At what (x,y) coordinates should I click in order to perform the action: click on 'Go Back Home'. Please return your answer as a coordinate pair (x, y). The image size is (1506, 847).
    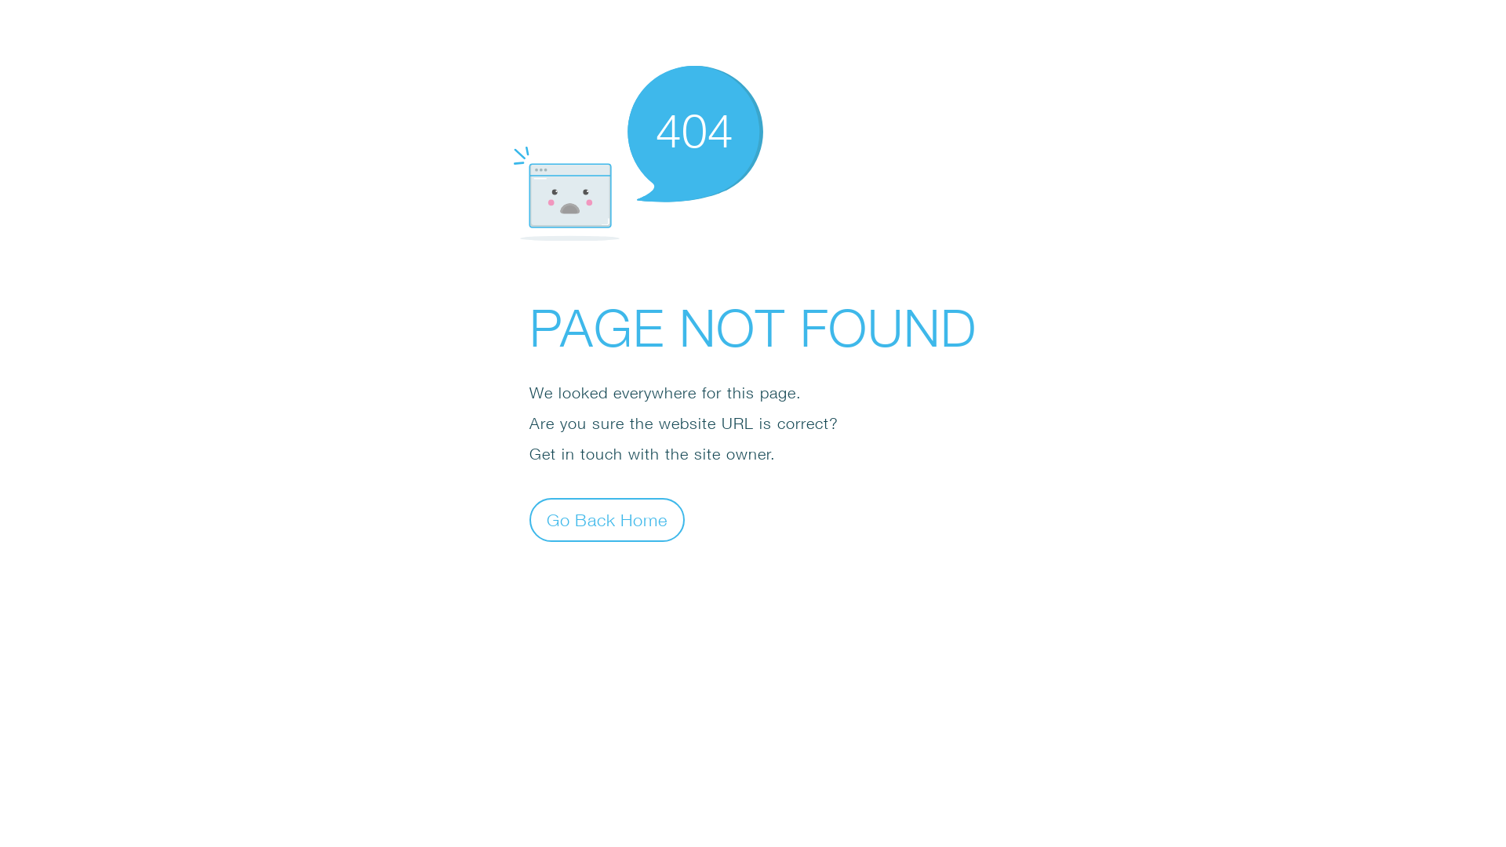
    Looking at the image, I should click on (606, 520).